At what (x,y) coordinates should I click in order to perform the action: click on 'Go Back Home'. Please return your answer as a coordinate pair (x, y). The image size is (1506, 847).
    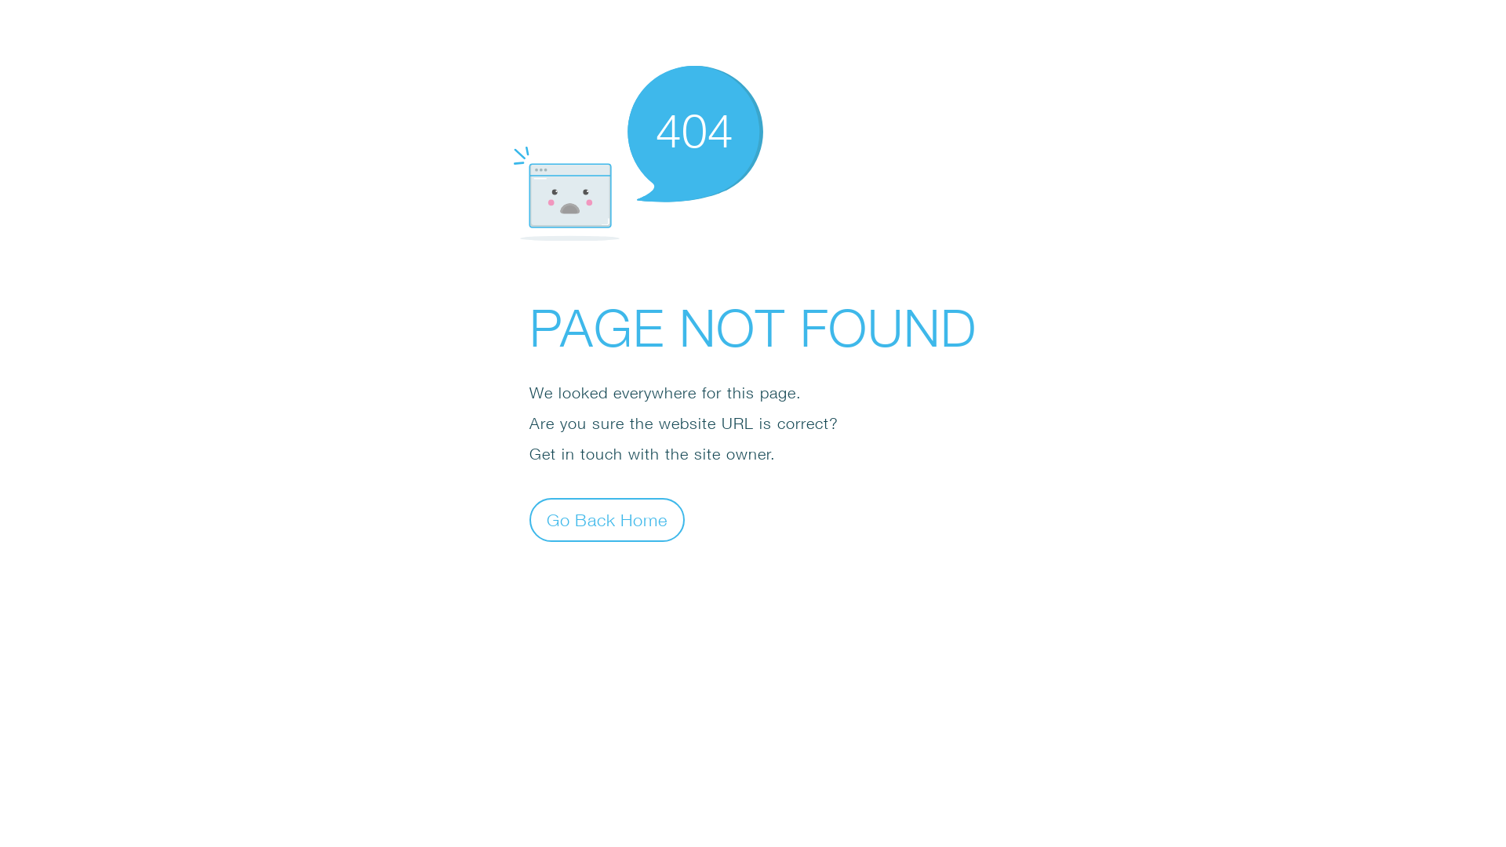
    Looking at the image, I should click on (606, 520).